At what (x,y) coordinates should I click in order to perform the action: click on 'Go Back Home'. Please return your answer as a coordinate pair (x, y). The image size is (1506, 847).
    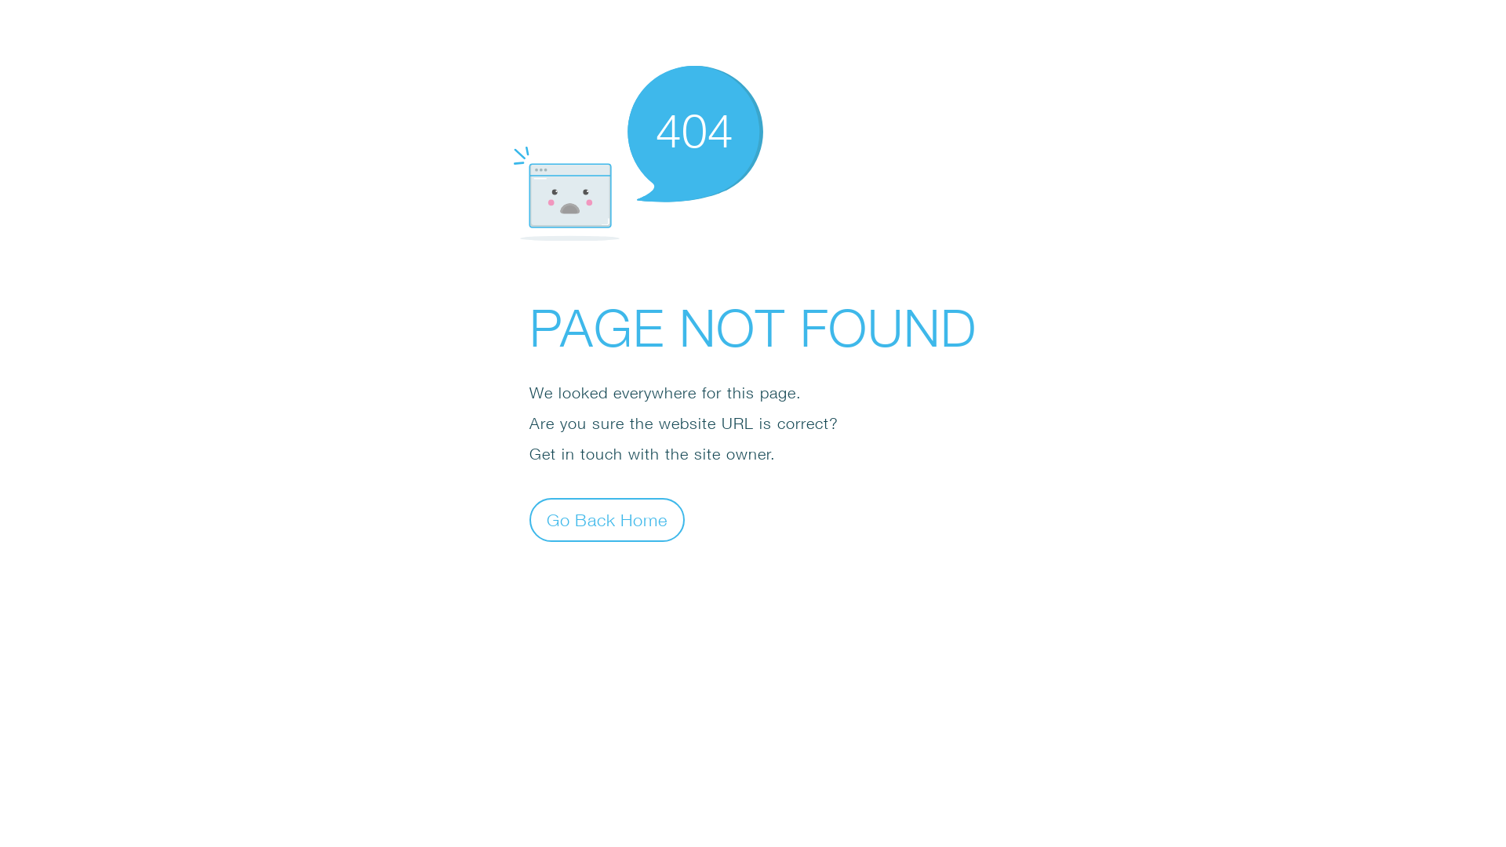
    Looking at the image, I should click on (606, 520).